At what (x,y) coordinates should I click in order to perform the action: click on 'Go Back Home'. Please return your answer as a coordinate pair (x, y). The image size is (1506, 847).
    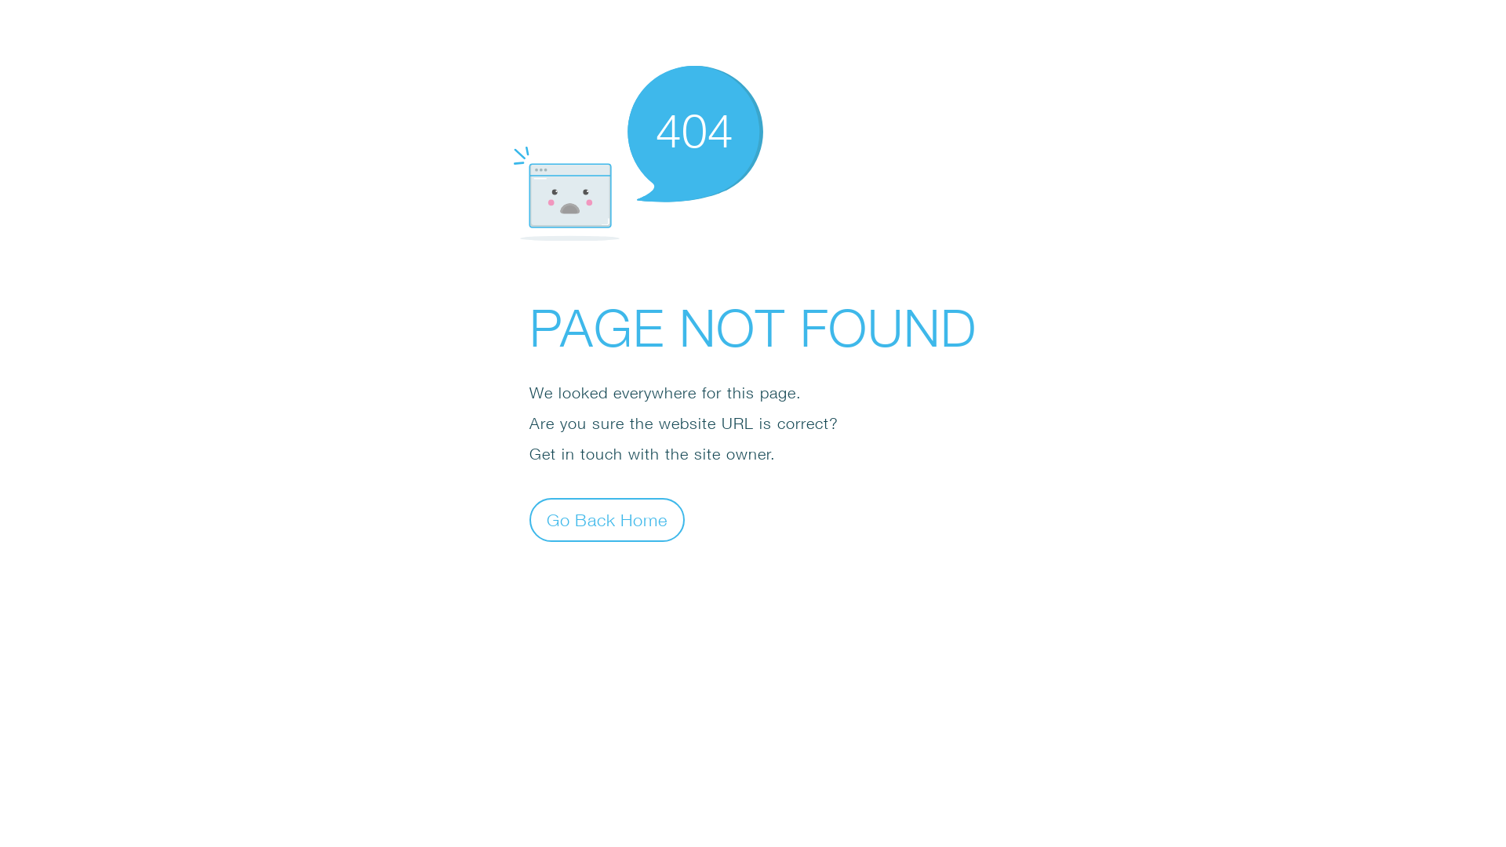
    Looking at the image, I should click on (606, 520).